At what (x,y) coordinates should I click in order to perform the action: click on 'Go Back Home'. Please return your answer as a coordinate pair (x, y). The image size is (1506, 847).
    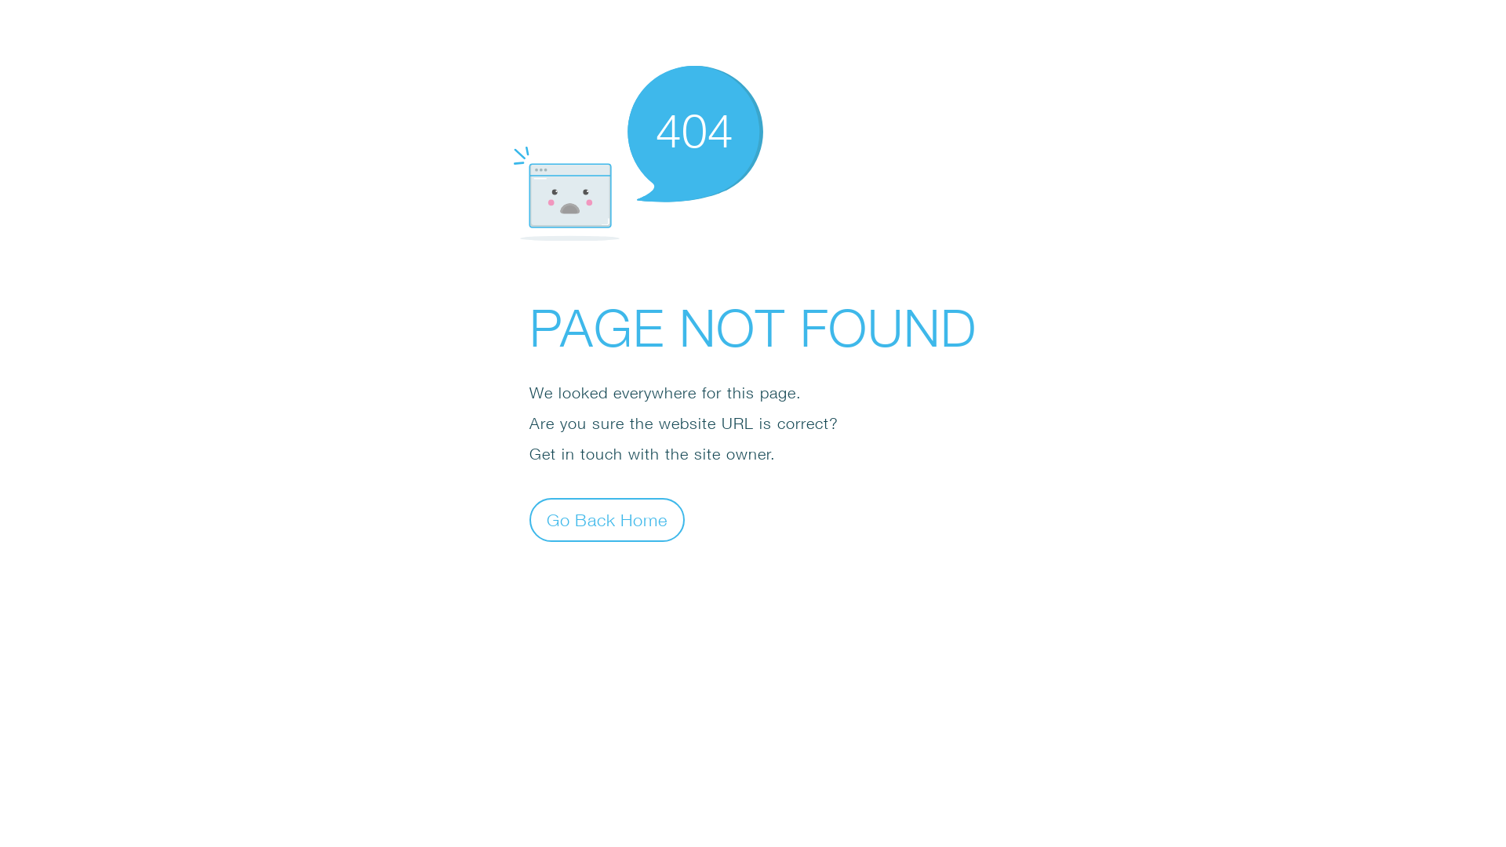
    Looking at the image, I should click on (606, 520).